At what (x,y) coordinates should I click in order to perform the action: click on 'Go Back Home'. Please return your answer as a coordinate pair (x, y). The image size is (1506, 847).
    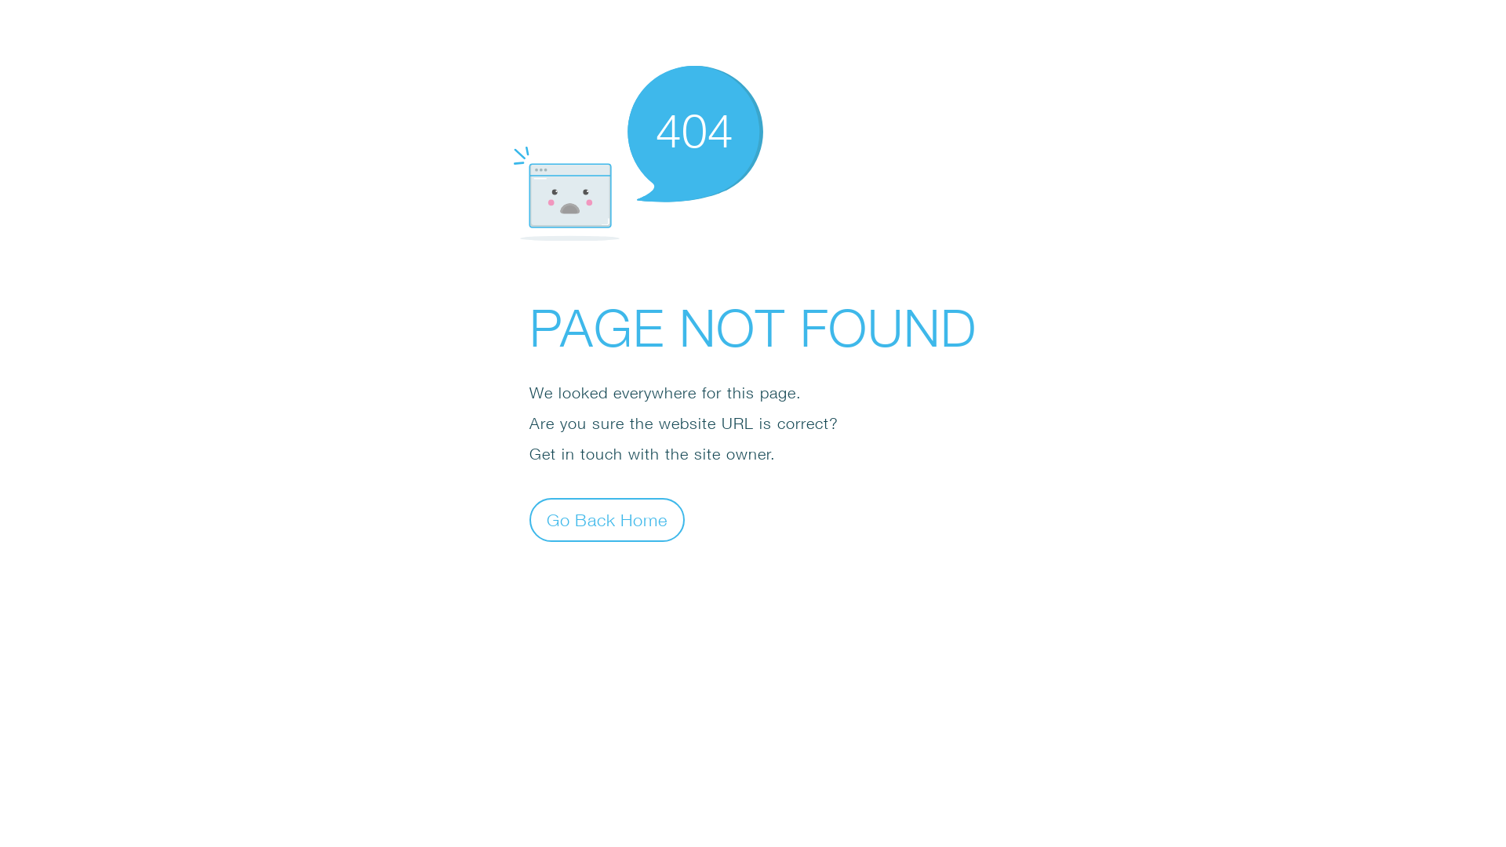
    Looking at the image, I should click on (606, 520).